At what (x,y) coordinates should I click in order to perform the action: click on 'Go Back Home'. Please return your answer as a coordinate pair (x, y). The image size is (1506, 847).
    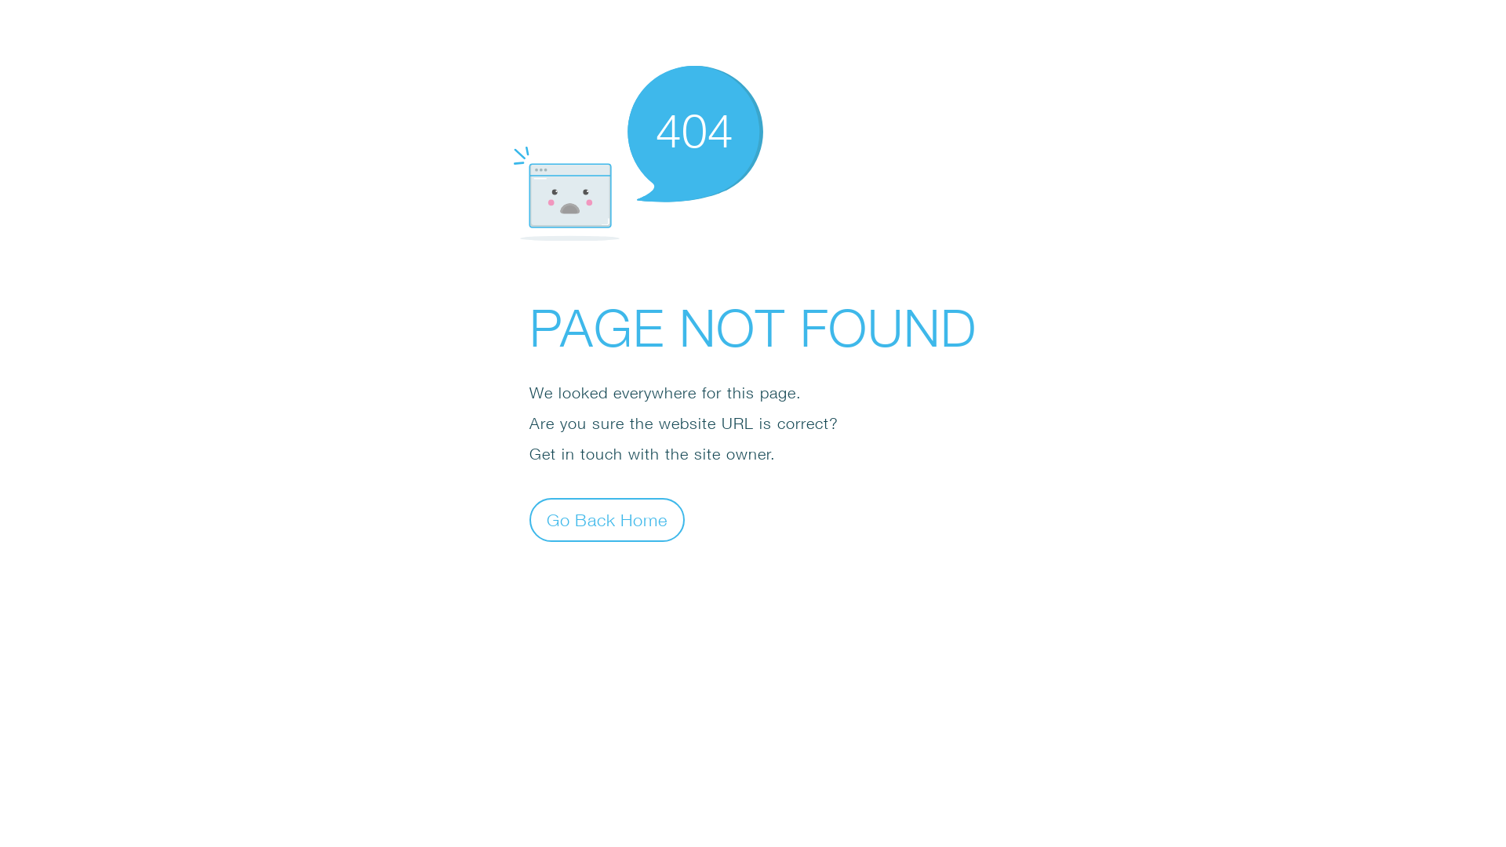
    Looking at the image, I should click on (606, 520).